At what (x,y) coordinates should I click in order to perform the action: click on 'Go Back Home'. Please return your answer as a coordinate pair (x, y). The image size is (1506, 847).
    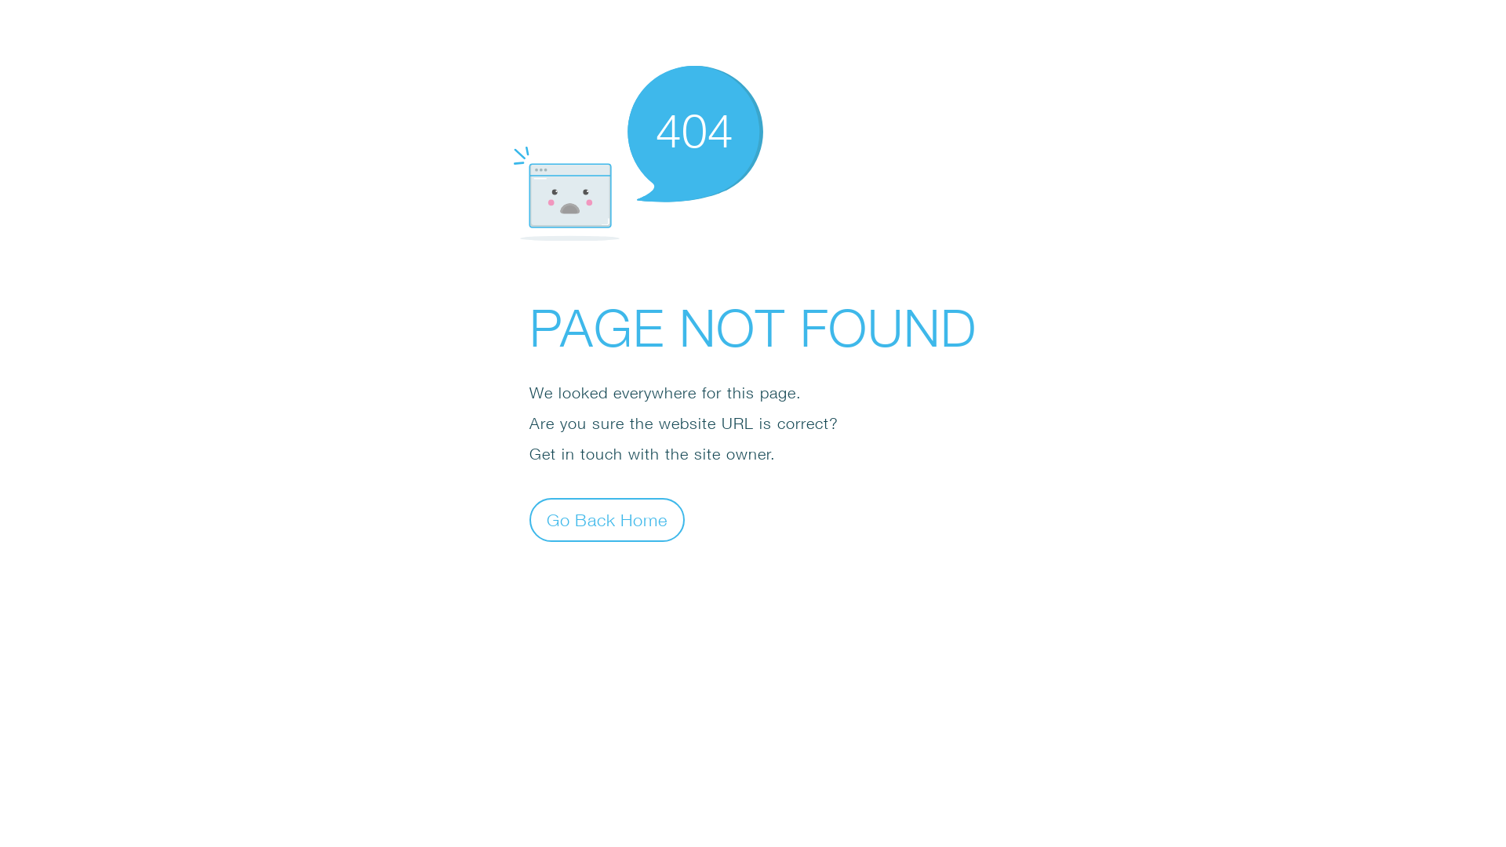
    Looking at the image, I should click on (606, 520).